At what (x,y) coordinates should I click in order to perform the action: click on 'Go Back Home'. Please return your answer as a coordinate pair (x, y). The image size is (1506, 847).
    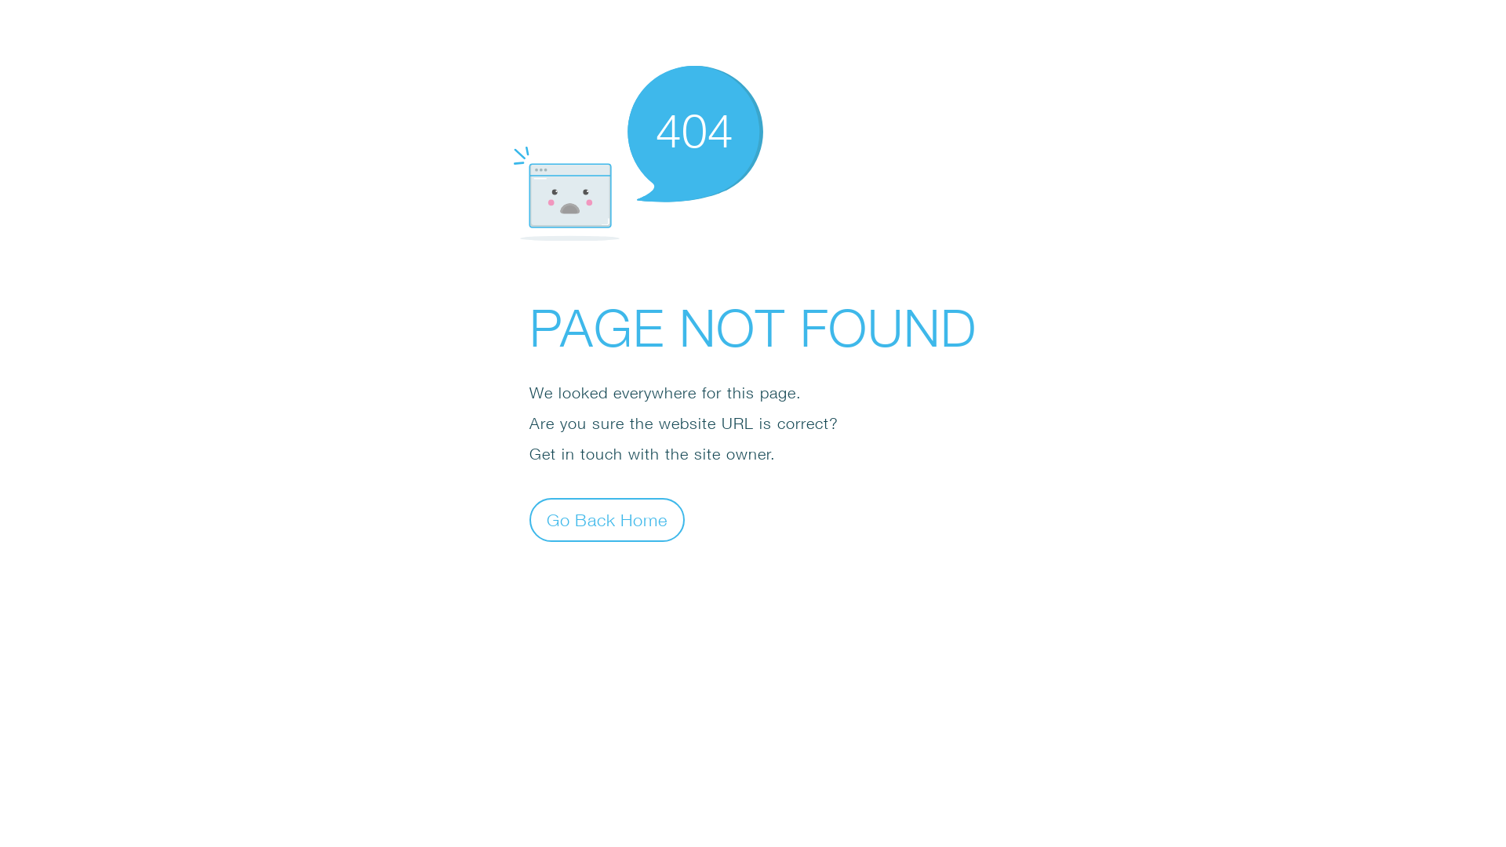
    Looking at the image, I should click on (606, 520).